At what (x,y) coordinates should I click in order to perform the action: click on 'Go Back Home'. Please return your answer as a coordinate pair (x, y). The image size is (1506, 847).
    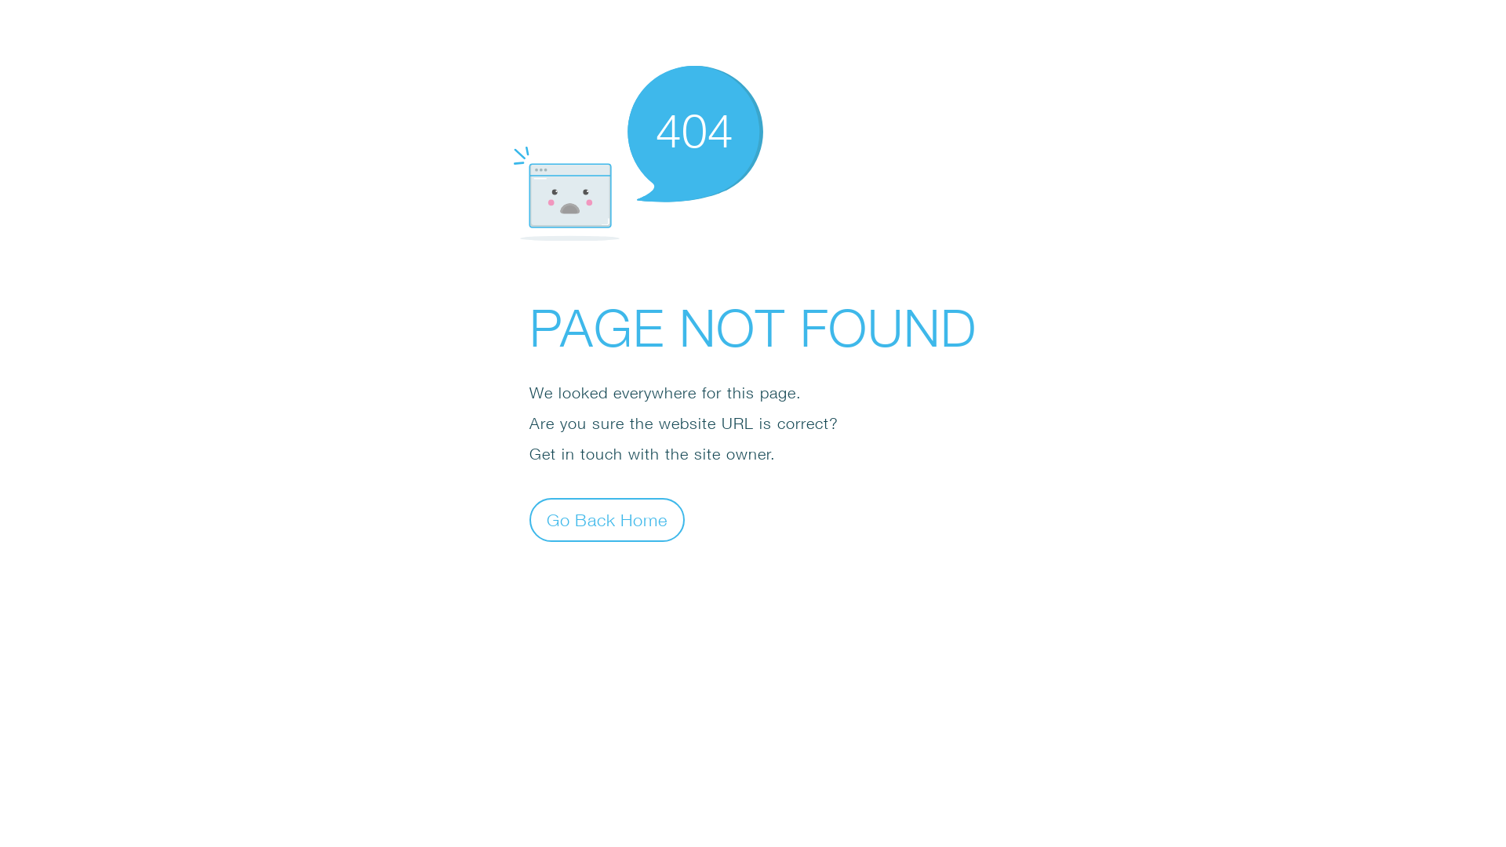
    Looking at the image, I should click on (606, 520).